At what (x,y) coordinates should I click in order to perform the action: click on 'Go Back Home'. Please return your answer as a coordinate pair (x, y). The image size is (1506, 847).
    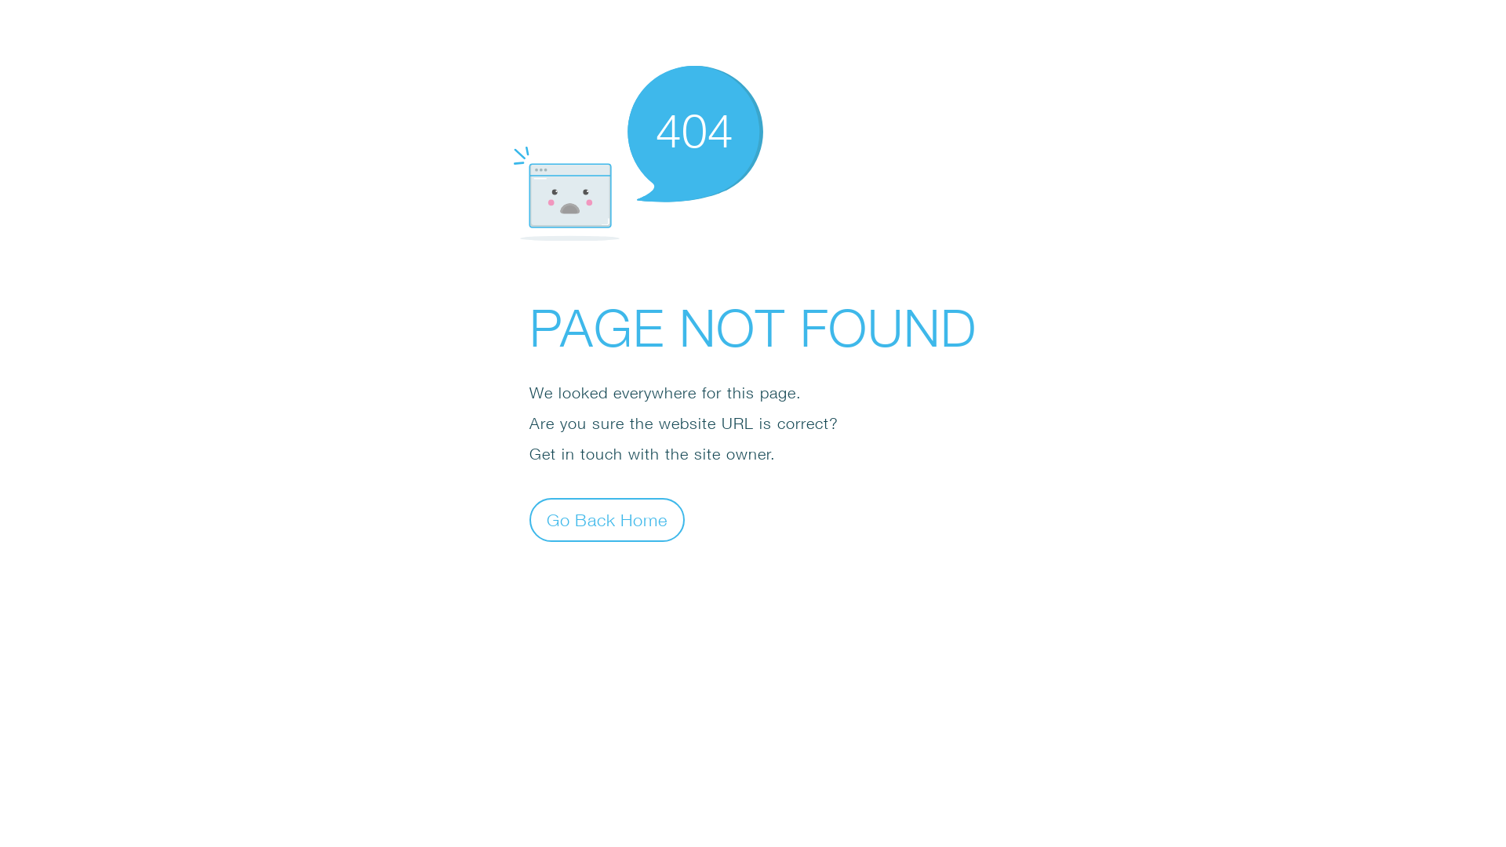
    Looking at the image, I should click on (606, 520).